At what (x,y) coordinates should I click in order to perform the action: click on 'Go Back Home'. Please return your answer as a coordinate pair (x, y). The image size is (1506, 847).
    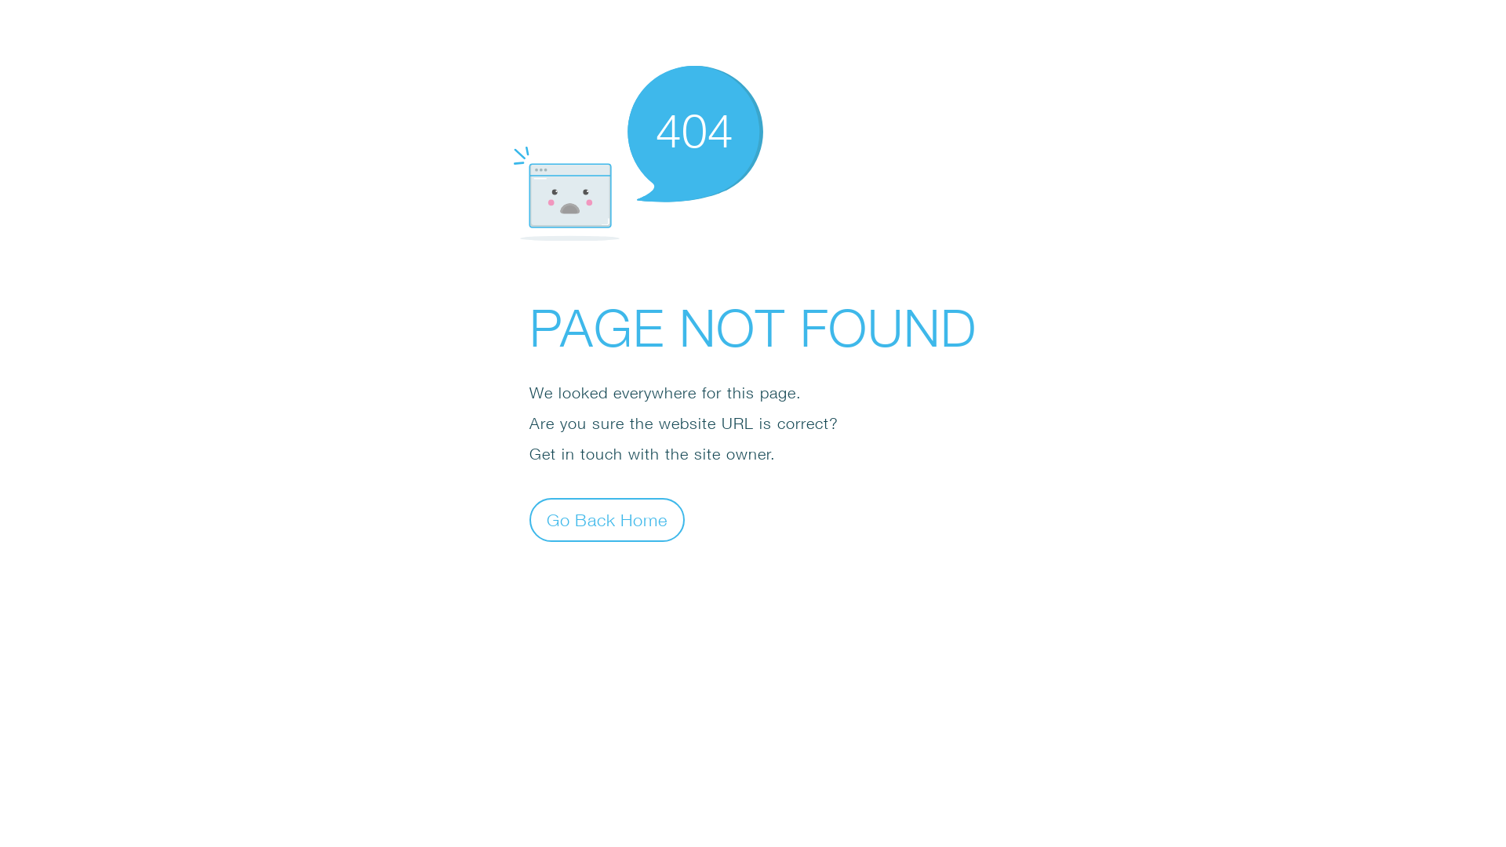
    Looking at the image, I should click on (606, 520).